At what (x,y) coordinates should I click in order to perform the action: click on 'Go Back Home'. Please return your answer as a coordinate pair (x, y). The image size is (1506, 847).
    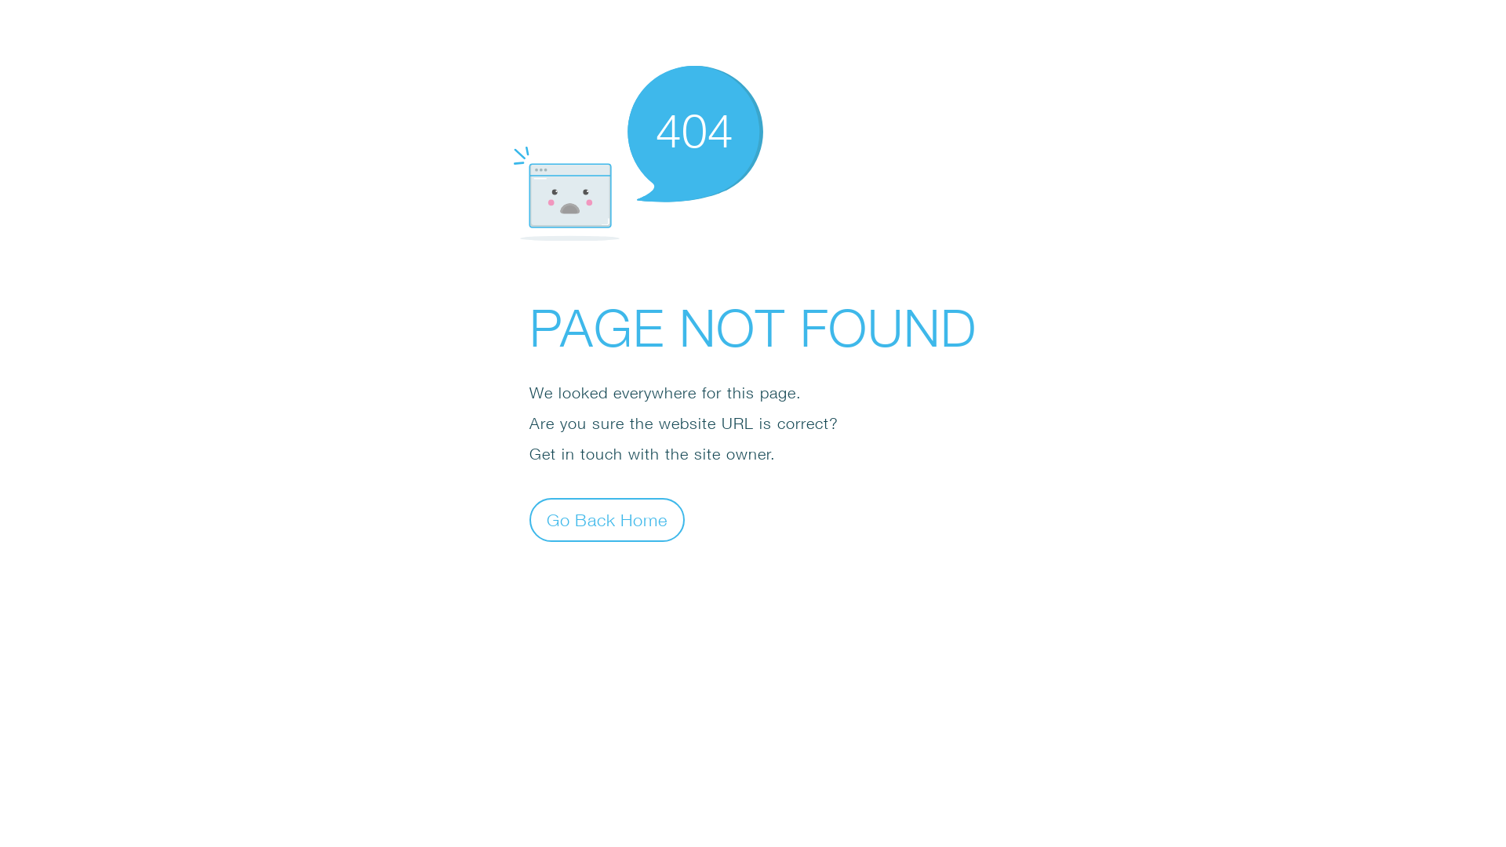
    Looking at the image, I should click on (606, 520).